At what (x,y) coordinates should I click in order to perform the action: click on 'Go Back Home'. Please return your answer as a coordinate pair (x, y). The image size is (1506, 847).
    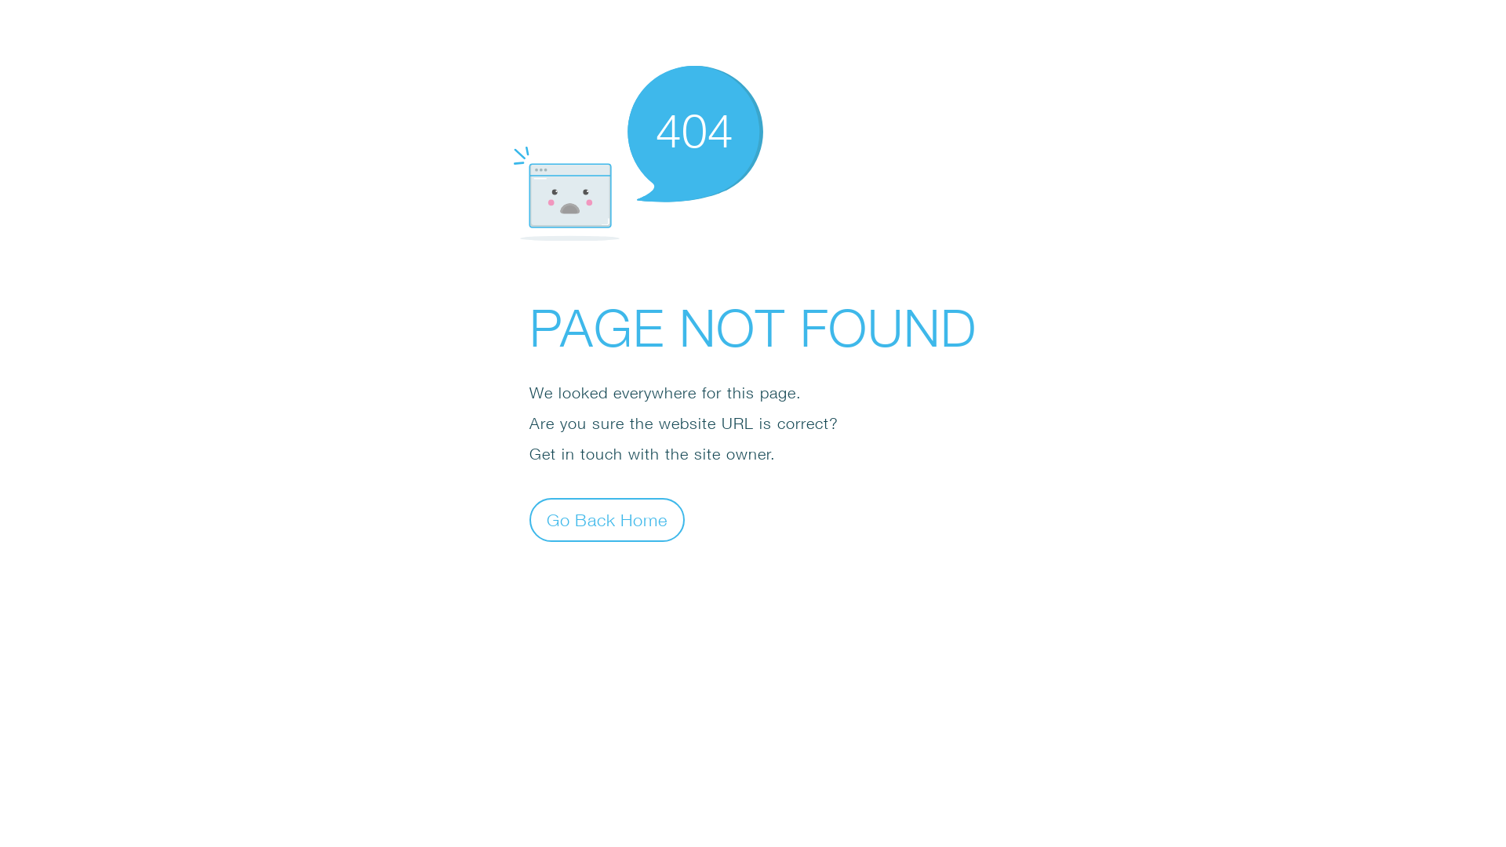
    Looking at the image, I should click on (606, 520).